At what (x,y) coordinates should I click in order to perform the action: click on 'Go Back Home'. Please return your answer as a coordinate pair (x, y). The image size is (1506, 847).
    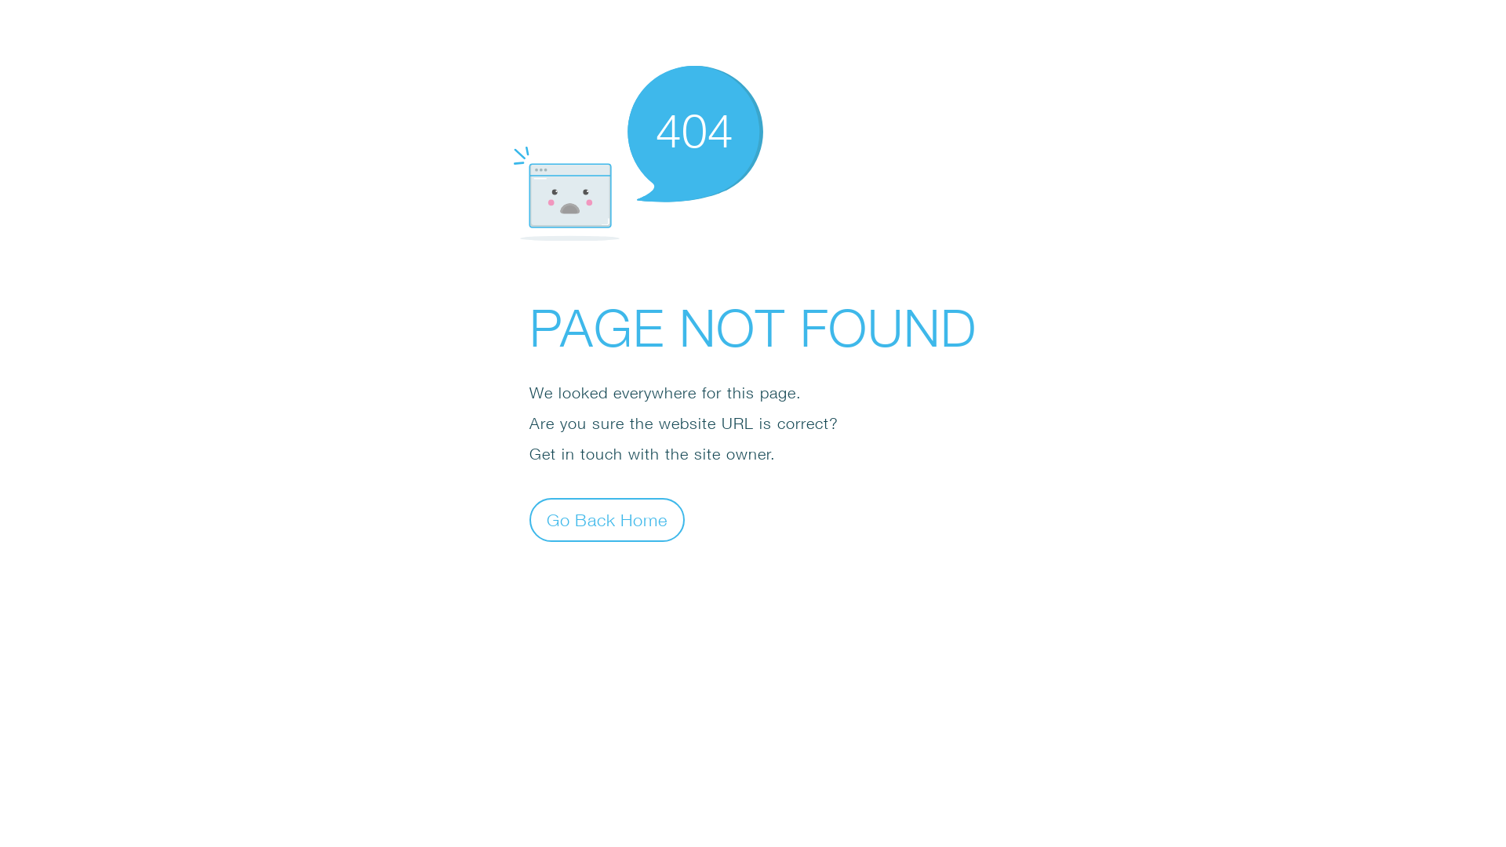
    Looking at the image, I should click on (606, 520).